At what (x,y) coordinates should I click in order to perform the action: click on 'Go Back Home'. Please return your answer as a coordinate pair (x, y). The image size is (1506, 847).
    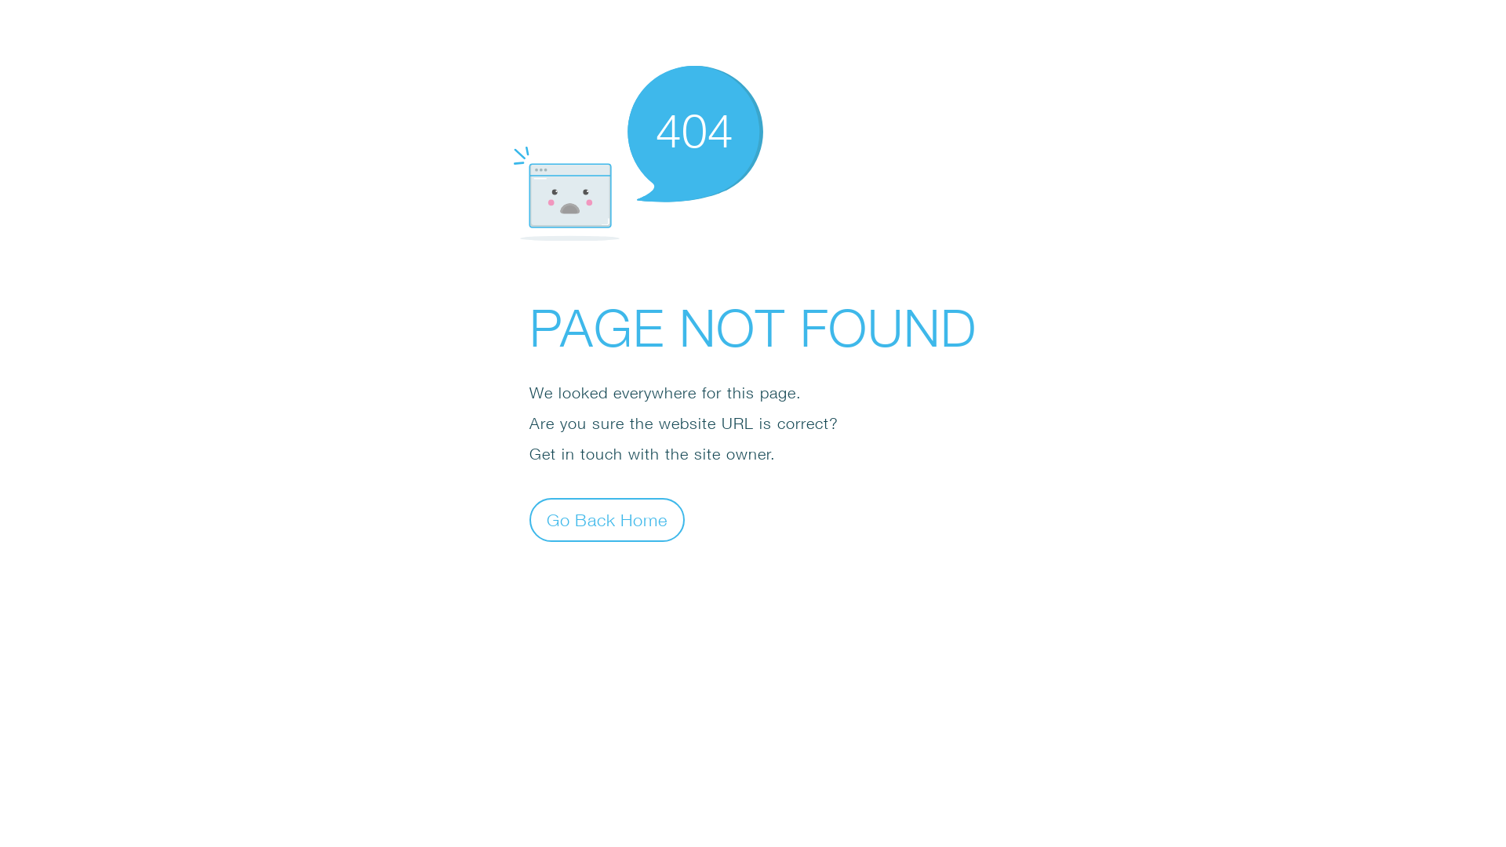
    Looking at the image, I should click on (606, 520).